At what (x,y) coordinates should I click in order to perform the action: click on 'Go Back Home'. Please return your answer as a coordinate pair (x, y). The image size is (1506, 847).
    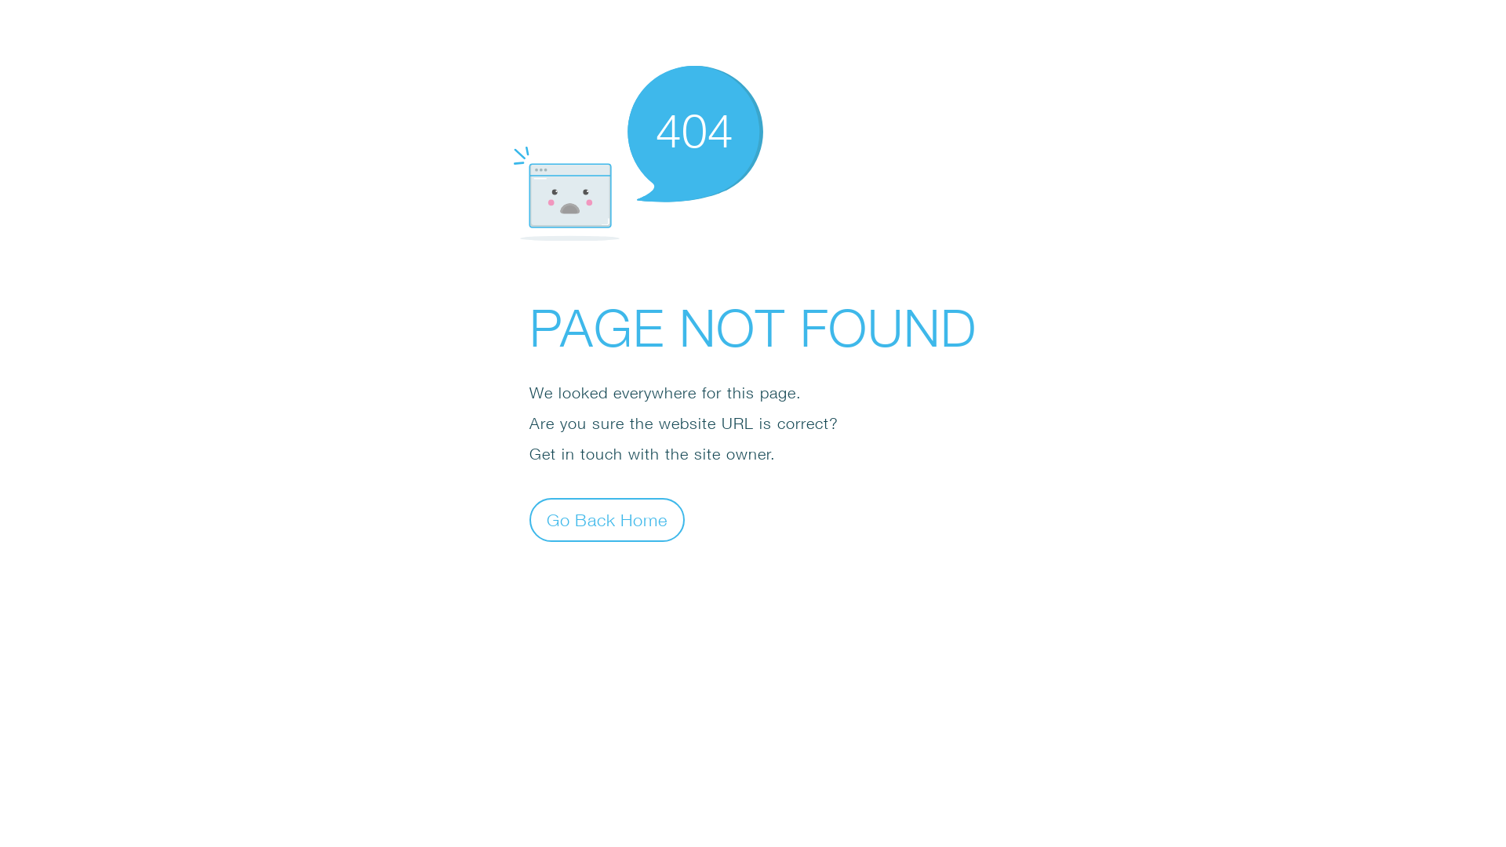
    Looking at the image, I should click on (606, 520).